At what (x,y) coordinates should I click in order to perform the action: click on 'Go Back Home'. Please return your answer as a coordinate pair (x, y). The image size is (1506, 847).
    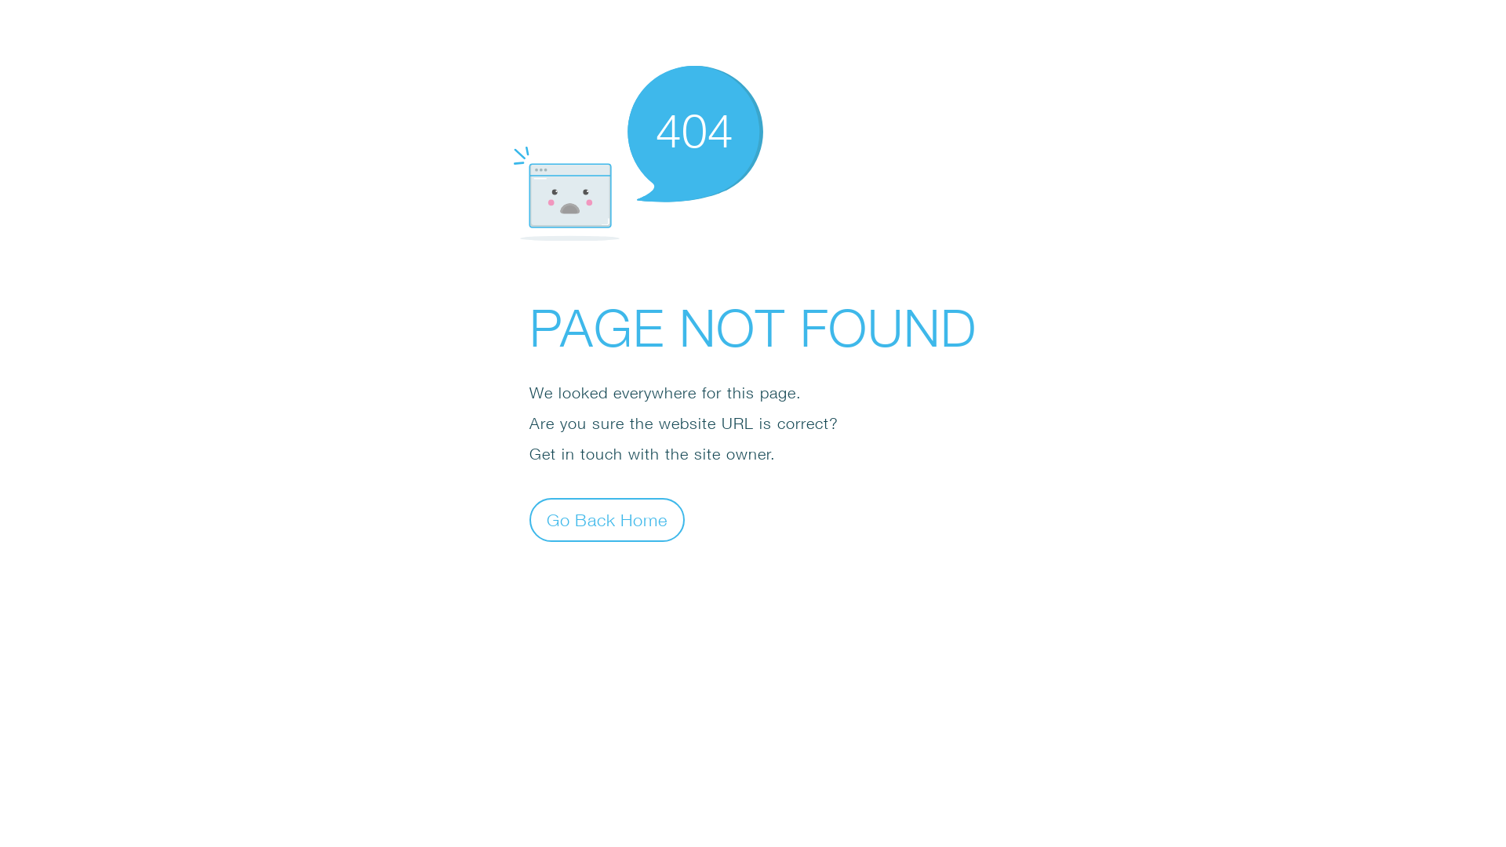
    Looking at the image, I should click on (606, 520).